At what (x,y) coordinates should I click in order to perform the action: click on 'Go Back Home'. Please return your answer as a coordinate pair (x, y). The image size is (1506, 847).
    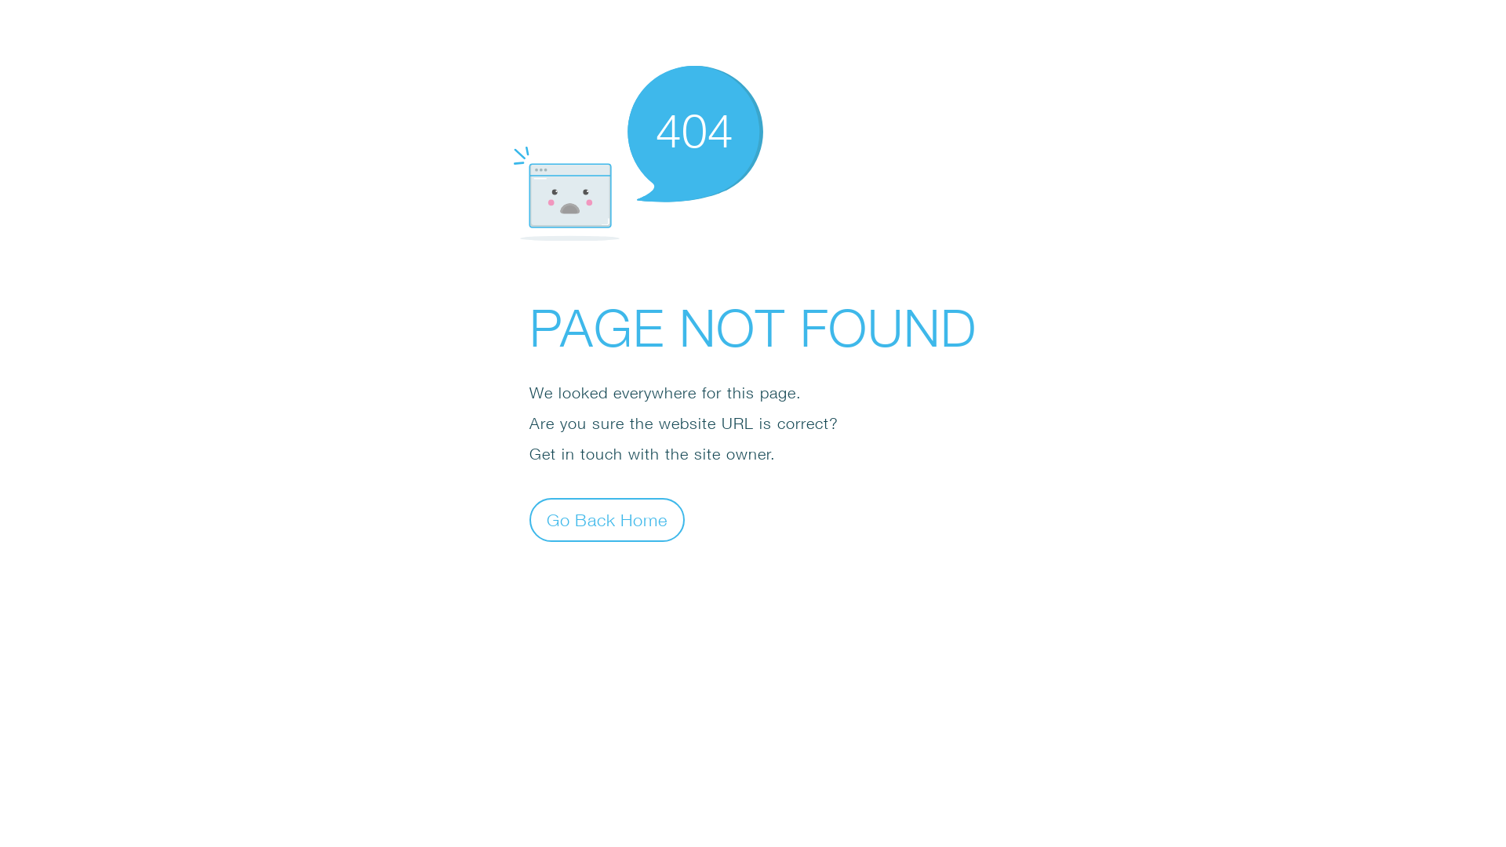
    Looking at the image, I should click on (606, 520).